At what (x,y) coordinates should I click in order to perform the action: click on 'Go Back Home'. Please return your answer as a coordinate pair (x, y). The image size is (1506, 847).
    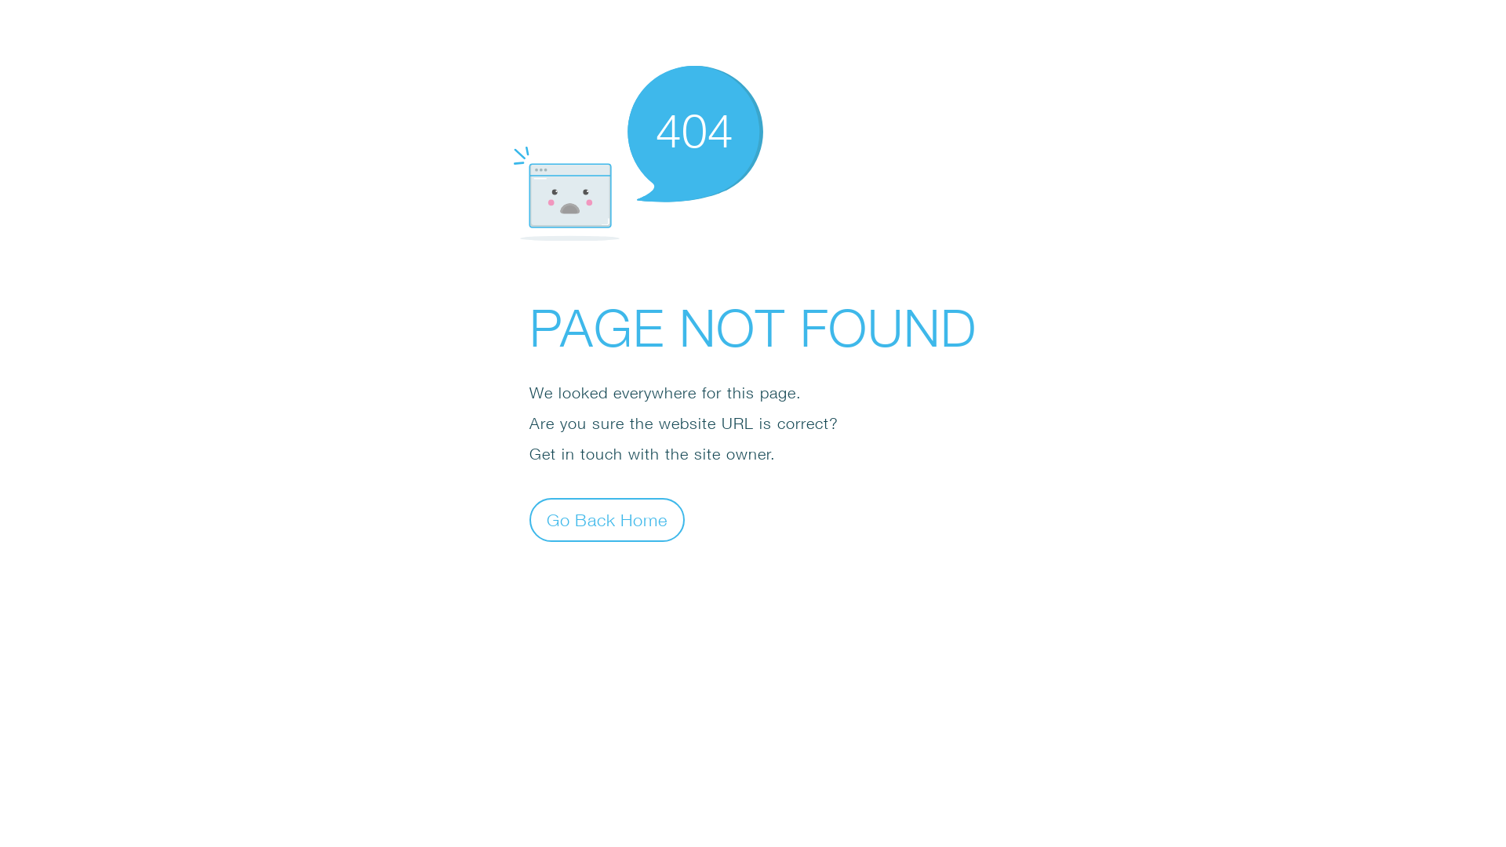
    Looking at the image, I should click on (606, 520).